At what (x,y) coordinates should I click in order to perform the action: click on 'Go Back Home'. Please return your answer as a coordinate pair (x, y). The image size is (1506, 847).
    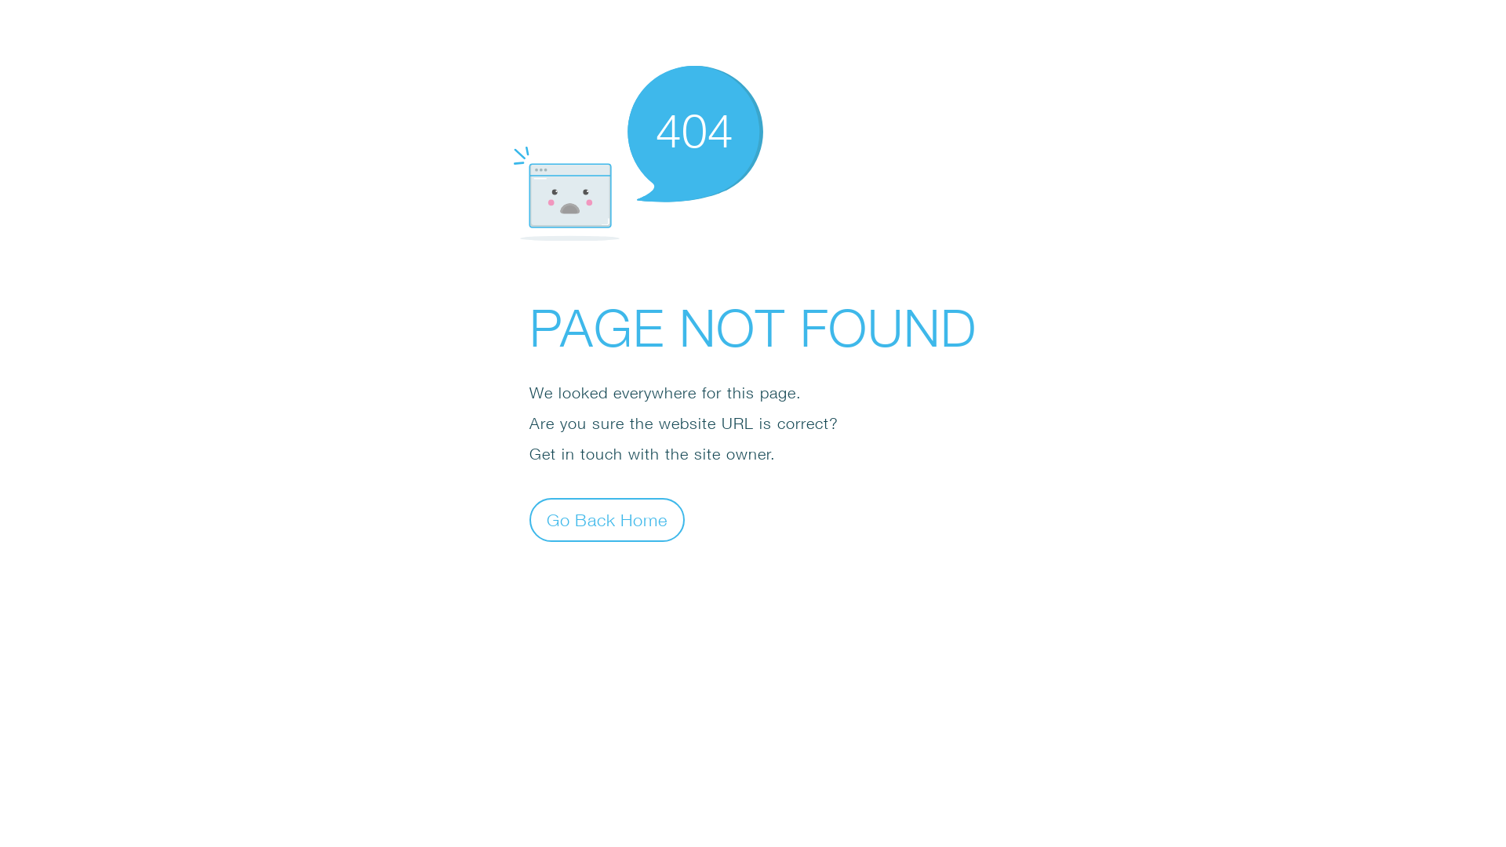
    Looking at the image, I should click on (606, 520).